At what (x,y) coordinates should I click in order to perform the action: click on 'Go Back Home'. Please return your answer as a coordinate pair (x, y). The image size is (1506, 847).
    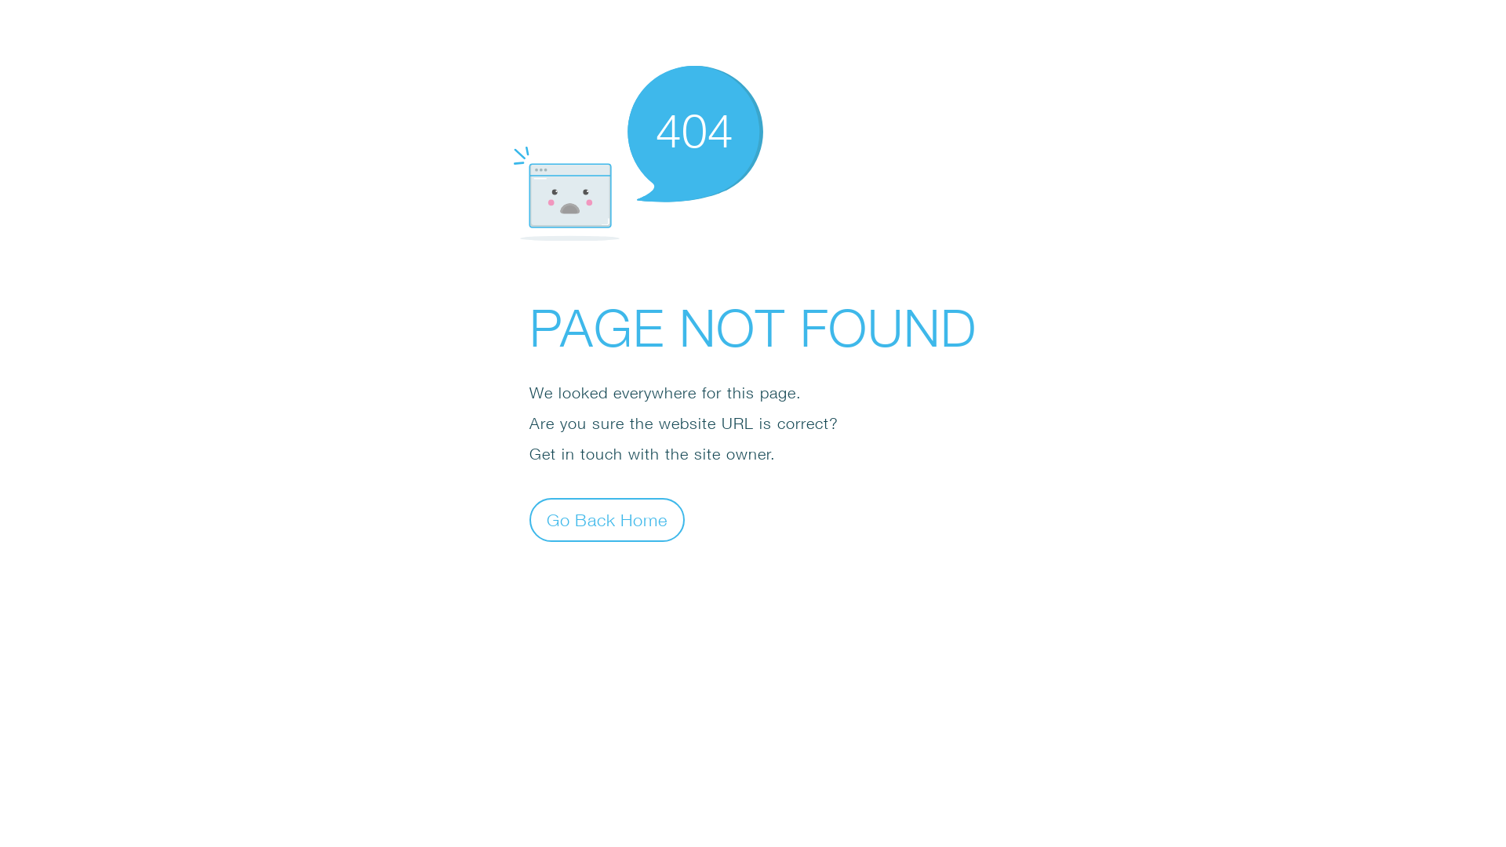
    Looking at the image, I should click on (606, 520).